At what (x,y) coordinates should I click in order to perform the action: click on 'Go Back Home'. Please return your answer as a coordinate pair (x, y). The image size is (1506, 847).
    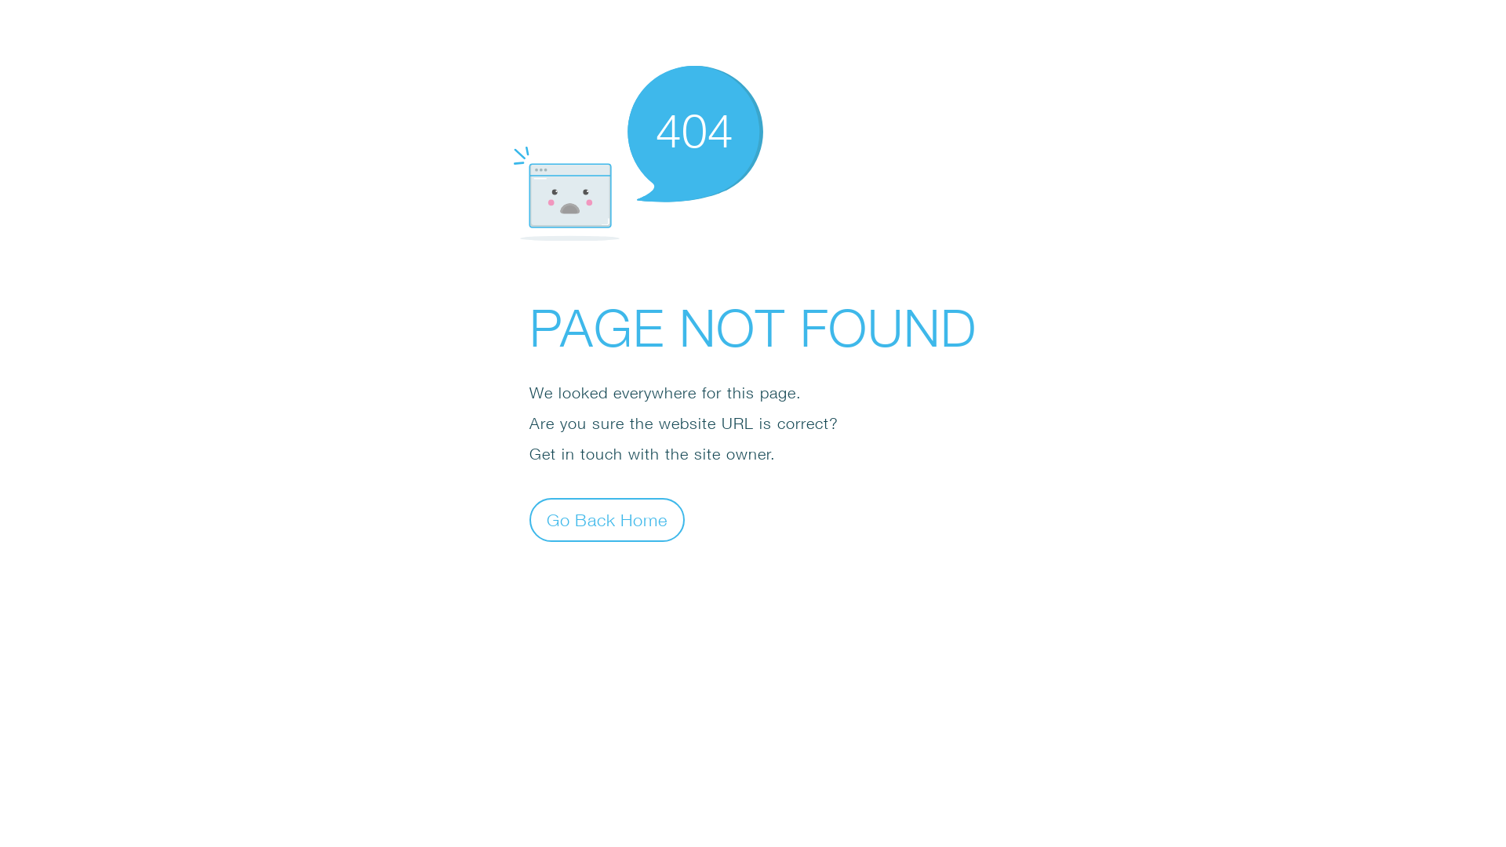
    Looking at the image, I should click on (606, 520).